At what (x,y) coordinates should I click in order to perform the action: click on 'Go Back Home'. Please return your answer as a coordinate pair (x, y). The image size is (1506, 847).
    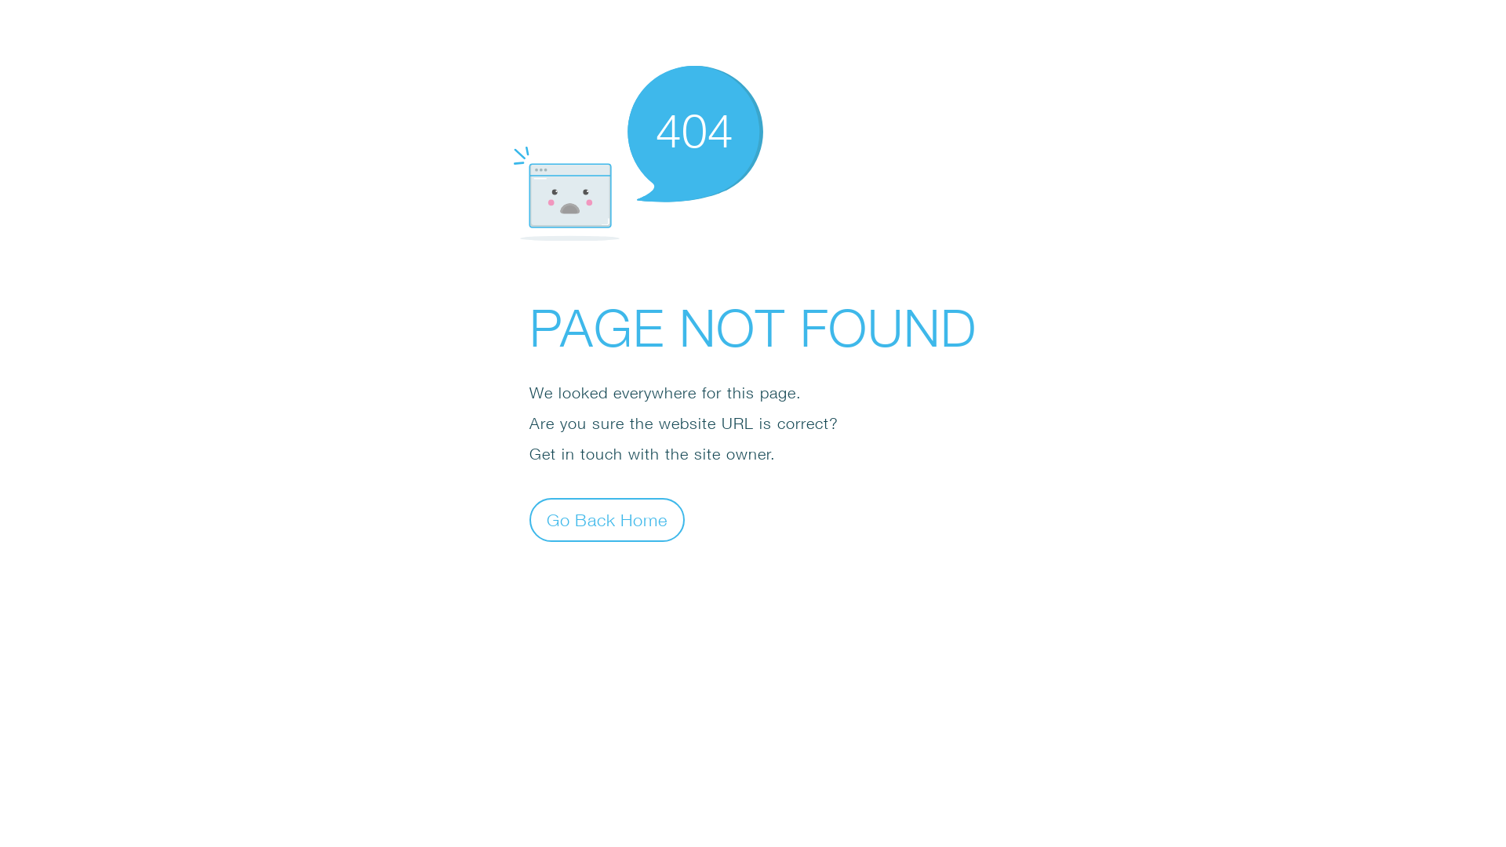
    Looking at the image, I should click on (606, 520).